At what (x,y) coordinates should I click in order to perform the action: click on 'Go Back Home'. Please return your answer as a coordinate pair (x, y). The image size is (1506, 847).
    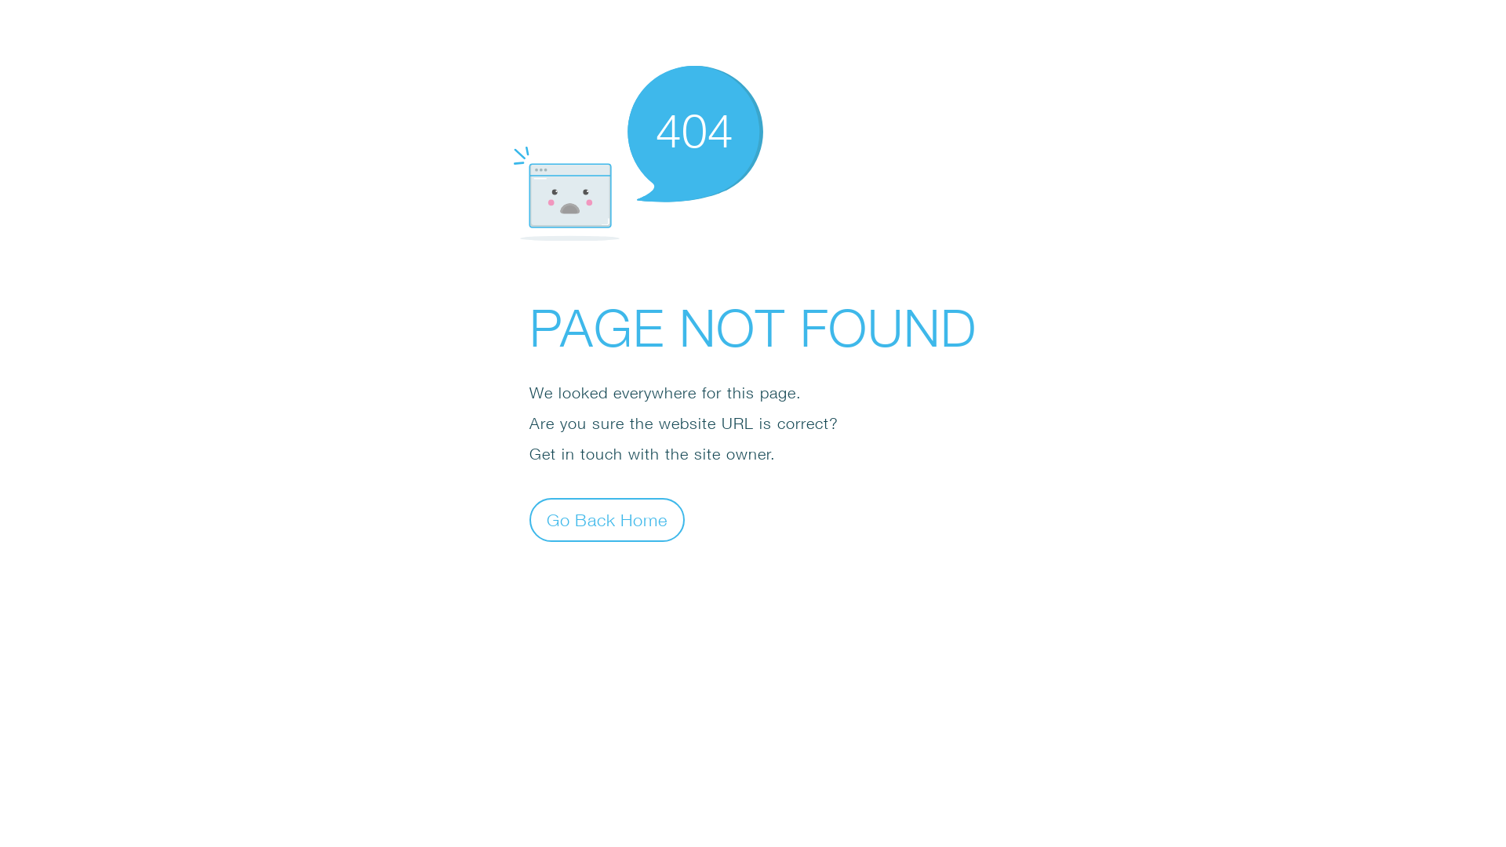
    Looking at the image, I should click on (606, 520).